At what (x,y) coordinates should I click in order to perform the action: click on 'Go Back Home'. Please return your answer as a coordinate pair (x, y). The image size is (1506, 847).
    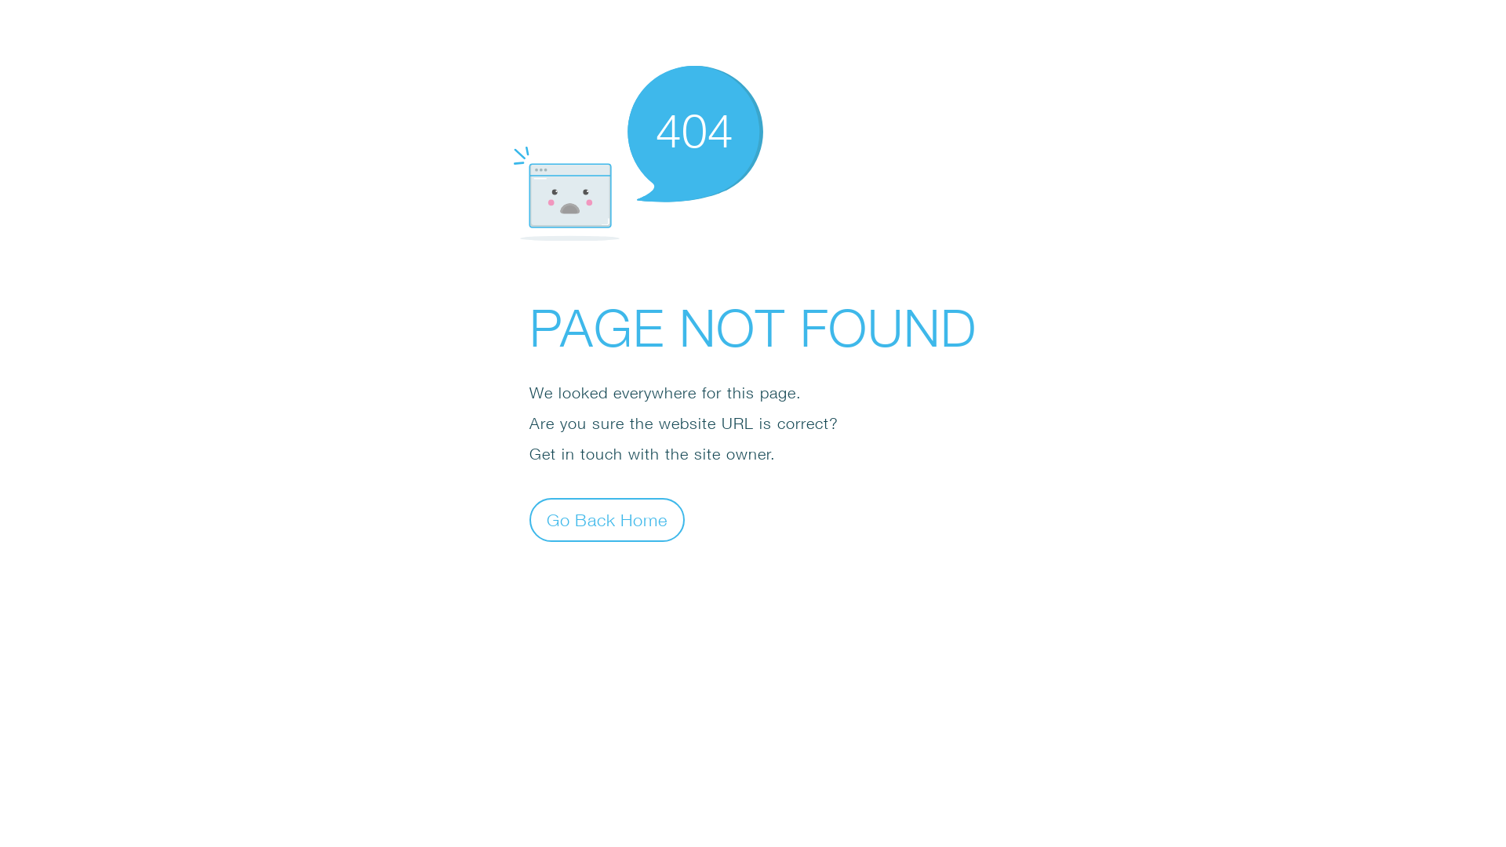
    Looking at the image, I should click on (606, 520).